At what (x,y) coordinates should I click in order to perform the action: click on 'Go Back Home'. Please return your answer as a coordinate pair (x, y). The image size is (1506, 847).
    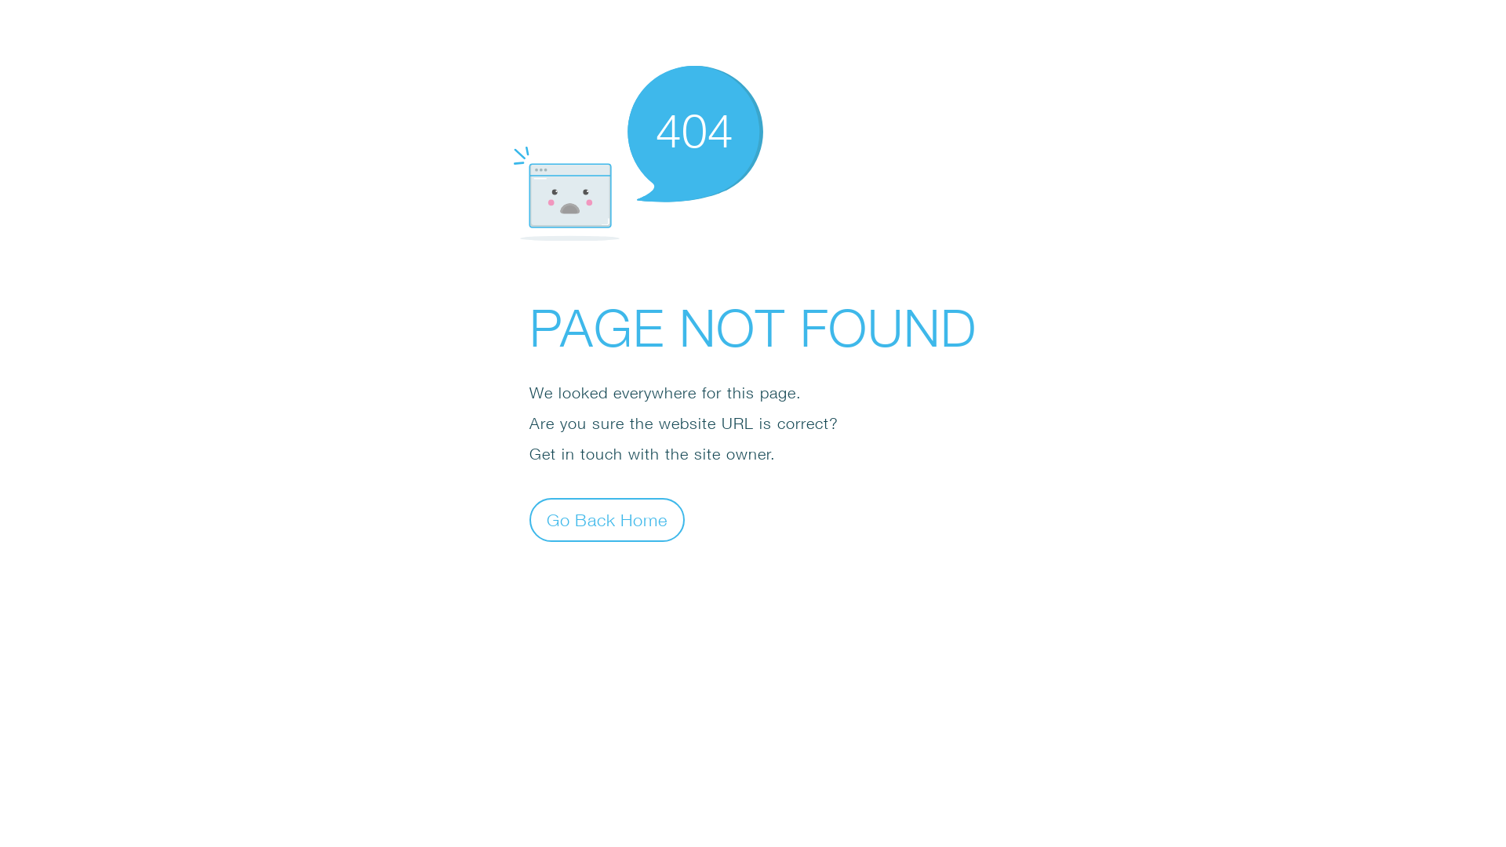
    Looking at the image, I should click on (606, 520).